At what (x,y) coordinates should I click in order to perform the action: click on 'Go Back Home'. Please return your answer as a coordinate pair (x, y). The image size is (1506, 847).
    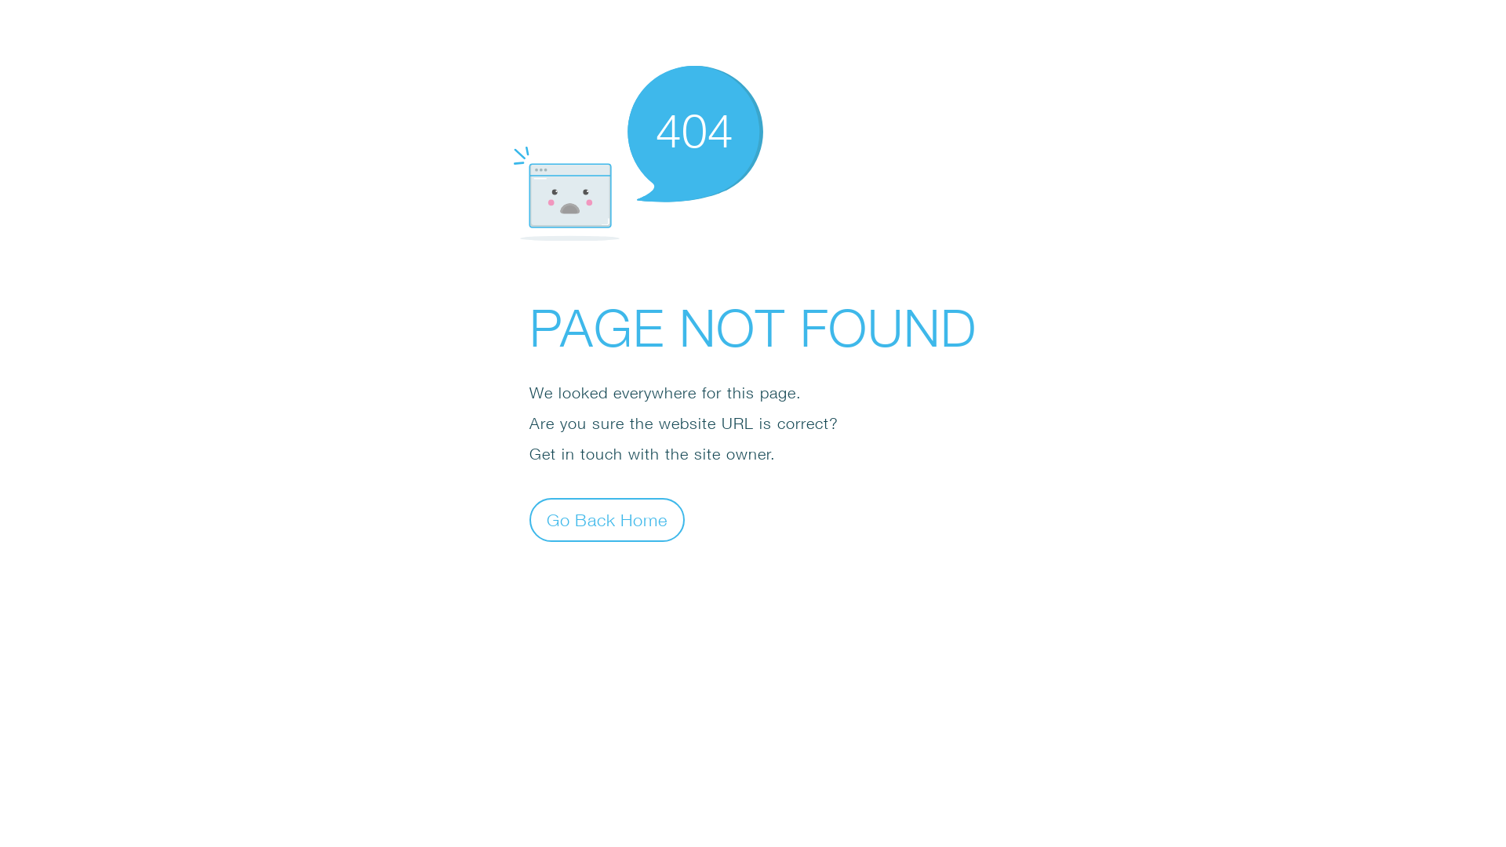
    Looking at the image, I should click on (606, 520).